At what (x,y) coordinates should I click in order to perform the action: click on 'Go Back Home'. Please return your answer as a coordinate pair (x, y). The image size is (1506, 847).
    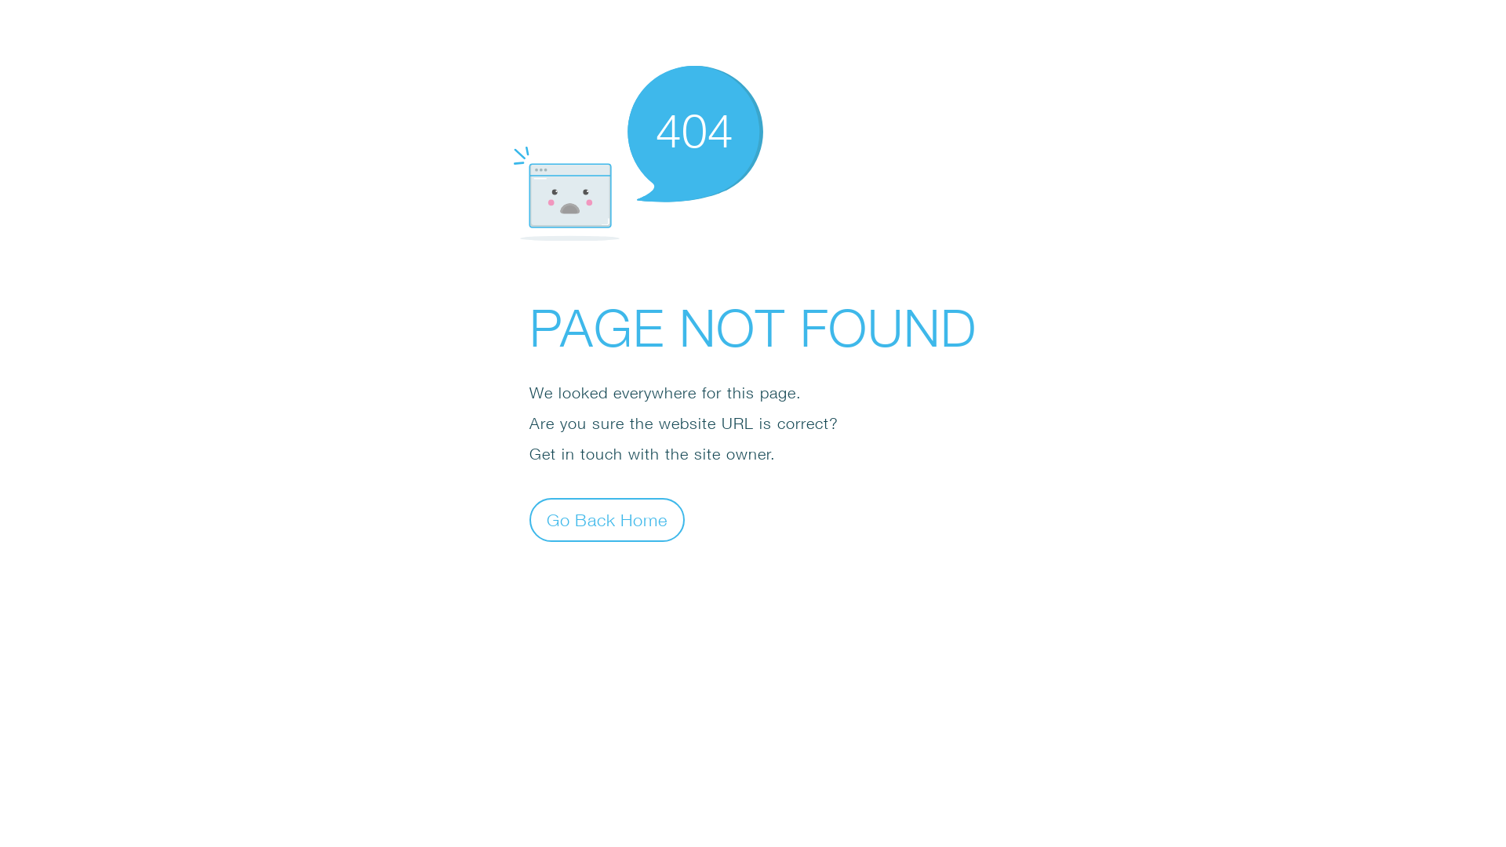
    Looking at the image, I should click on (606, 520).